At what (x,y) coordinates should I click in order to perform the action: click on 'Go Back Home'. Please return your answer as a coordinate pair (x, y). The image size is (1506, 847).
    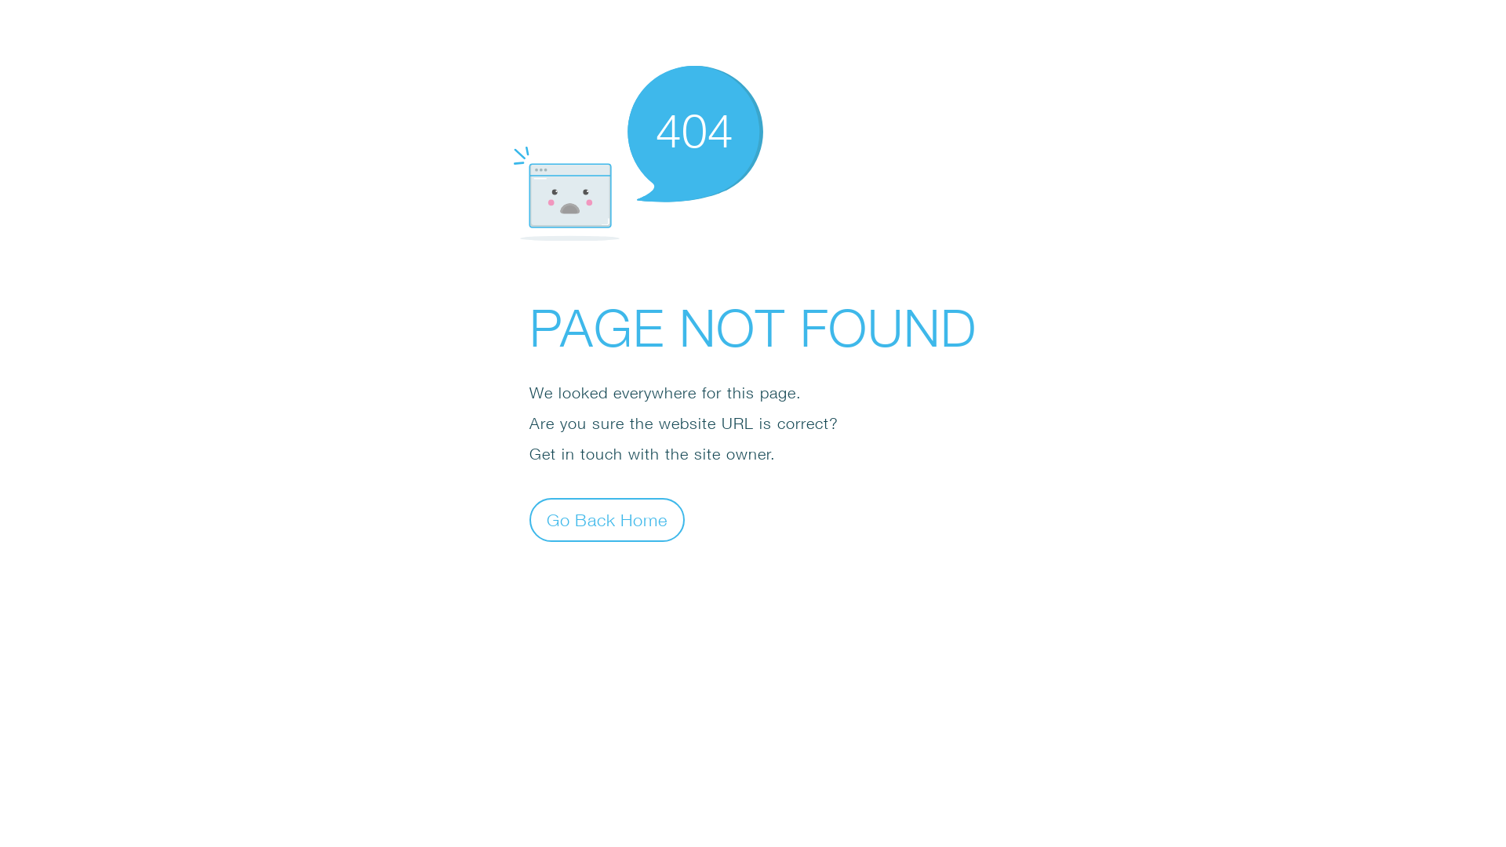
    Looking at the image, I should click on (606, 520).